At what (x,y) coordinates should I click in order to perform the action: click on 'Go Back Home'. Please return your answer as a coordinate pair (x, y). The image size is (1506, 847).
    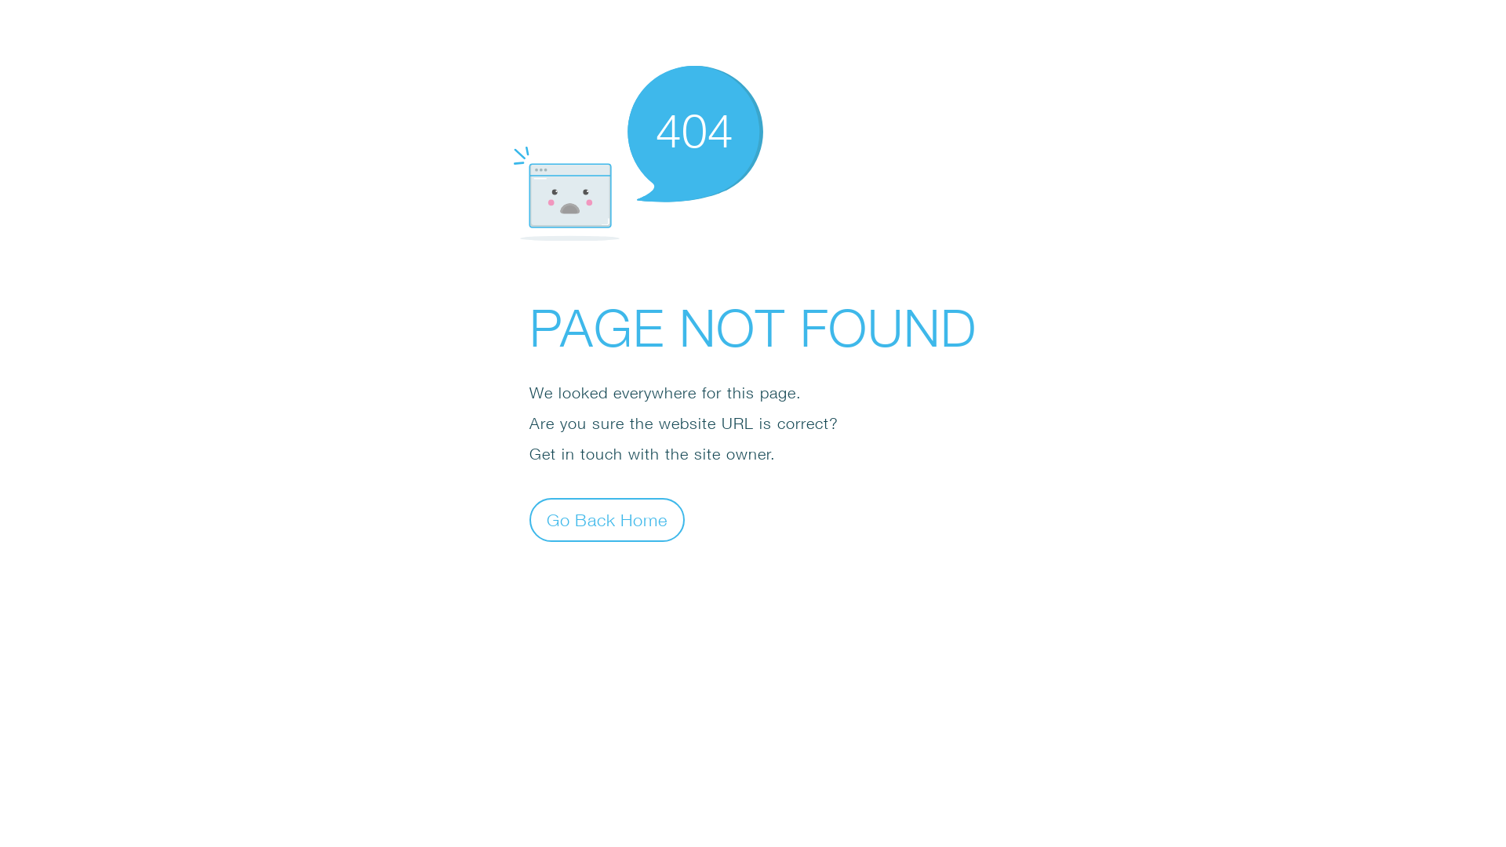
    Looking at the image, I should click on (606, 520).